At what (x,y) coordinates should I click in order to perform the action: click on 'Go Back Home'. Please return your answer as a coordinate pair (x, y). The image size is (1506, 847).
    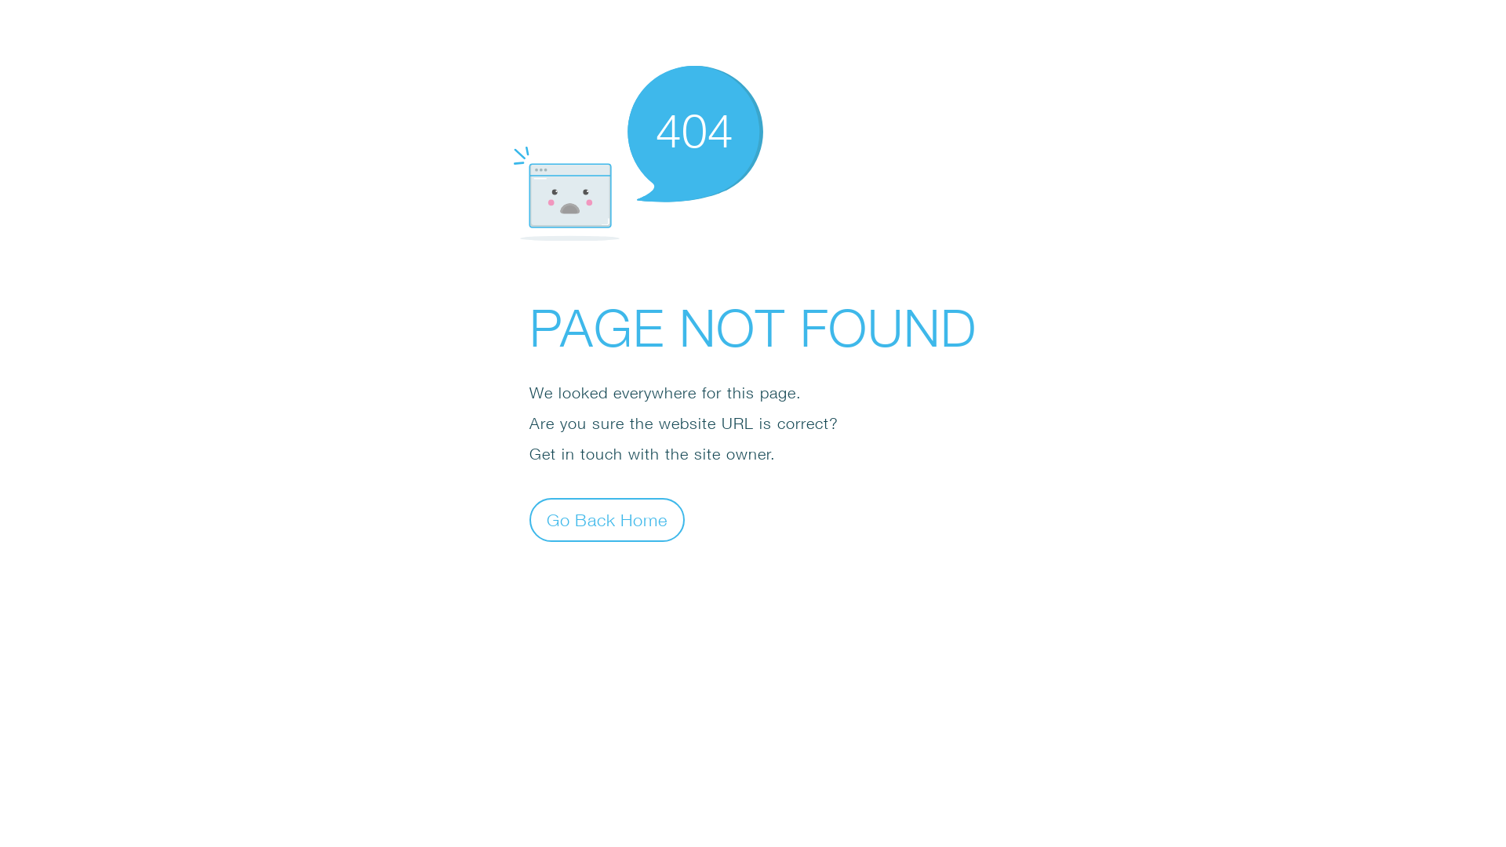
    Looking at the image, I should click on (606, 520).